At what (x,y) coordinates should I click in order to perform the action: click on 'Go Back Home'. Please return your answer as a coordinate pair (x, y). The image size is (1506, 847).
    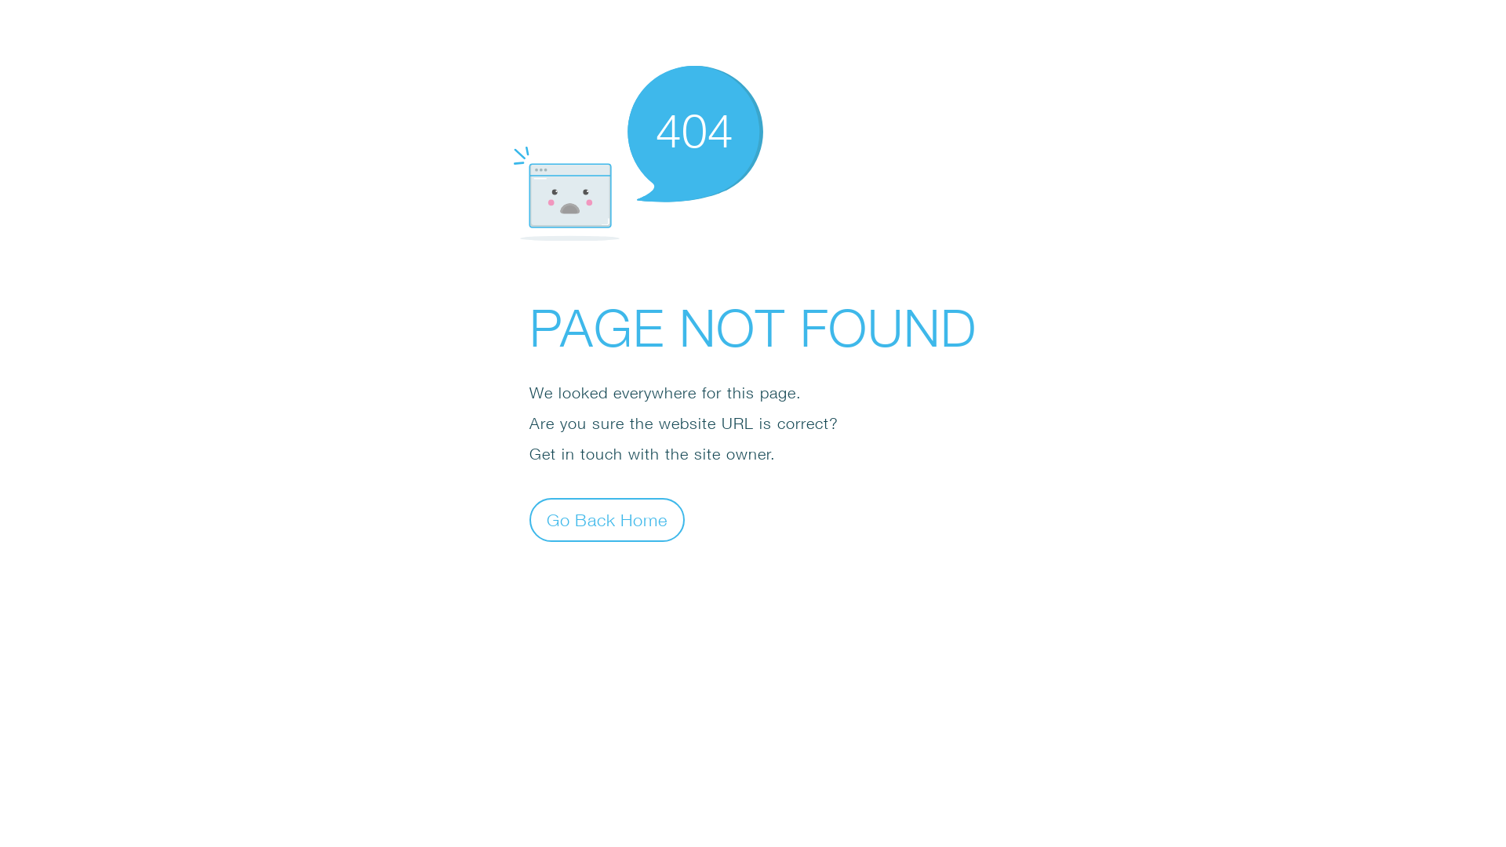
    Looking at the image, I should click on (606, 520).